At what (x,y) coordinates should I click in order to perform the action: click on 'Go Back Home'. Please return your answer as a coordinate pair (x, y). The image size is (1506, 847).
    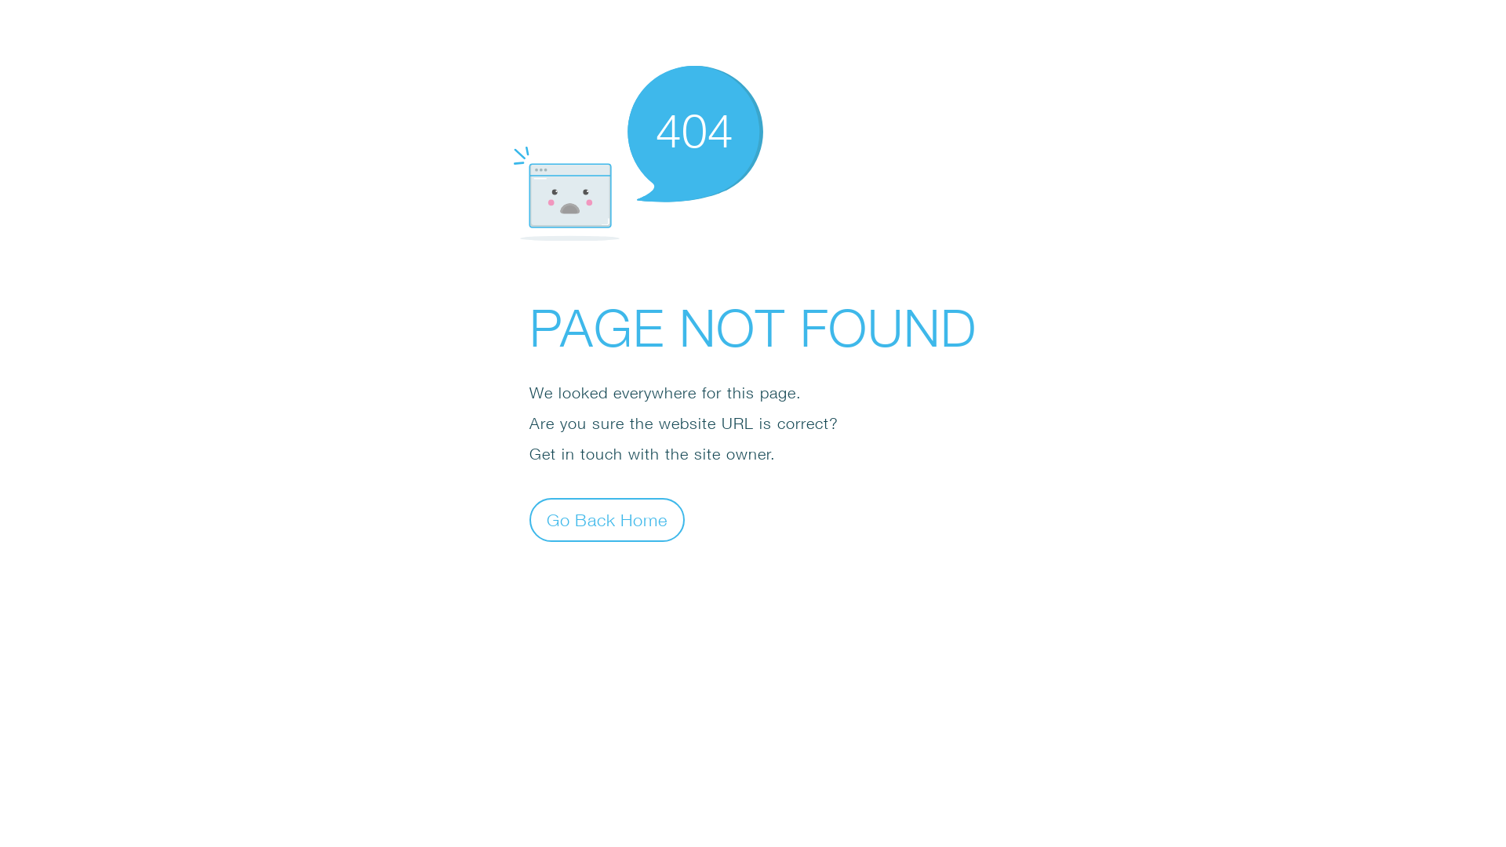
    Looking at the image, I should click on (606, 520).